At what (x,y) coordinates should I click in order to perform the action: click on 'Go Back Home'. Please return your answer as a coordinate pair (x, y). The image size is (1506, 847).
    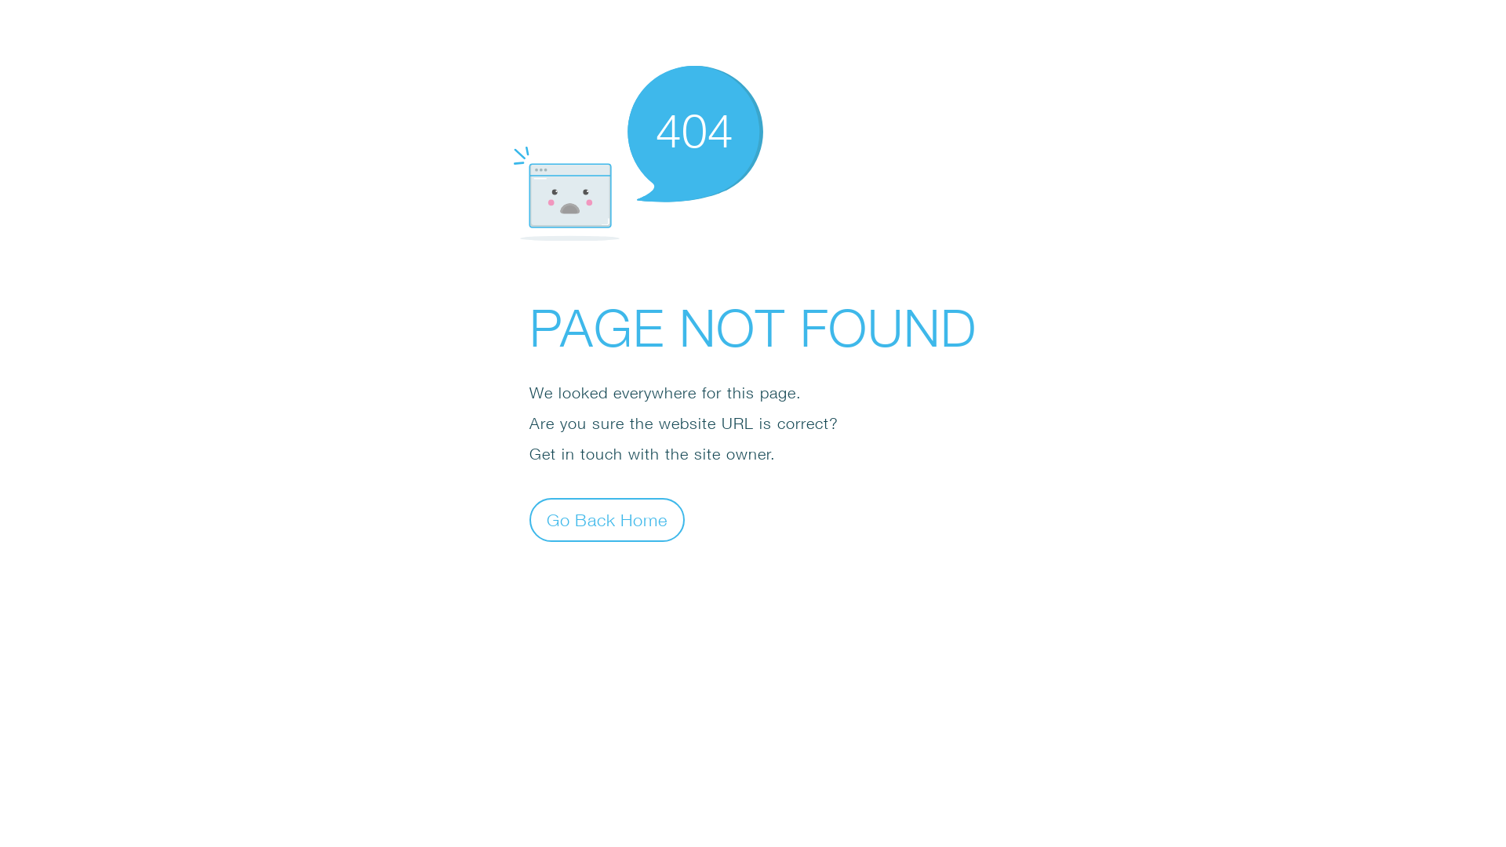
    Looking at the image, I should click on (606, 520).